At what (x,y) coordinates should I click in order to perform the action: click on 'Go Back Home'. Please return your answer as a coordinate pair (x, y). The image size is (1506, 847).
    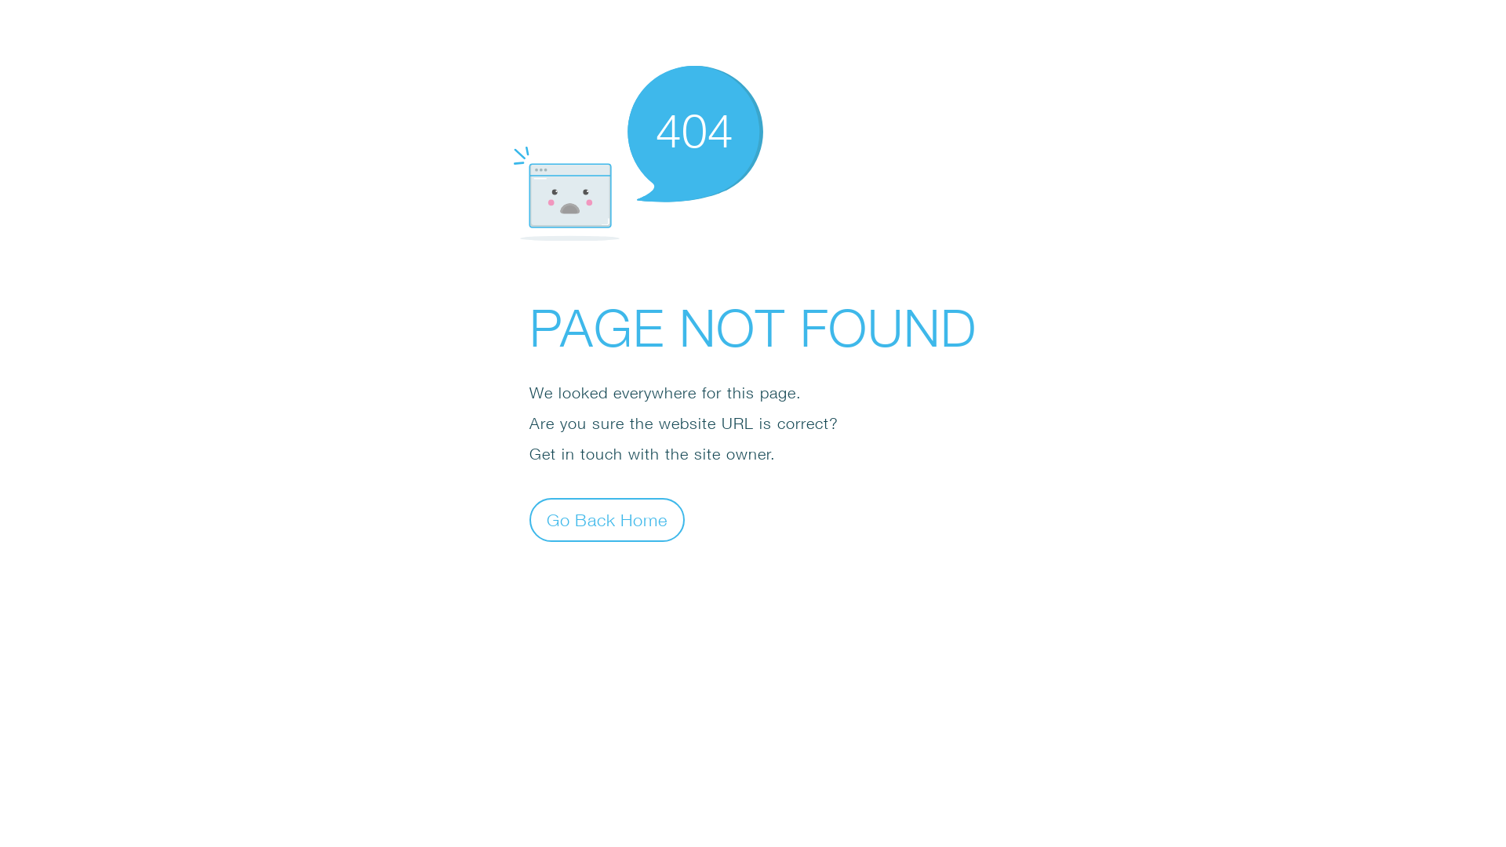
    Looking at the image, I should click on (606, 520).